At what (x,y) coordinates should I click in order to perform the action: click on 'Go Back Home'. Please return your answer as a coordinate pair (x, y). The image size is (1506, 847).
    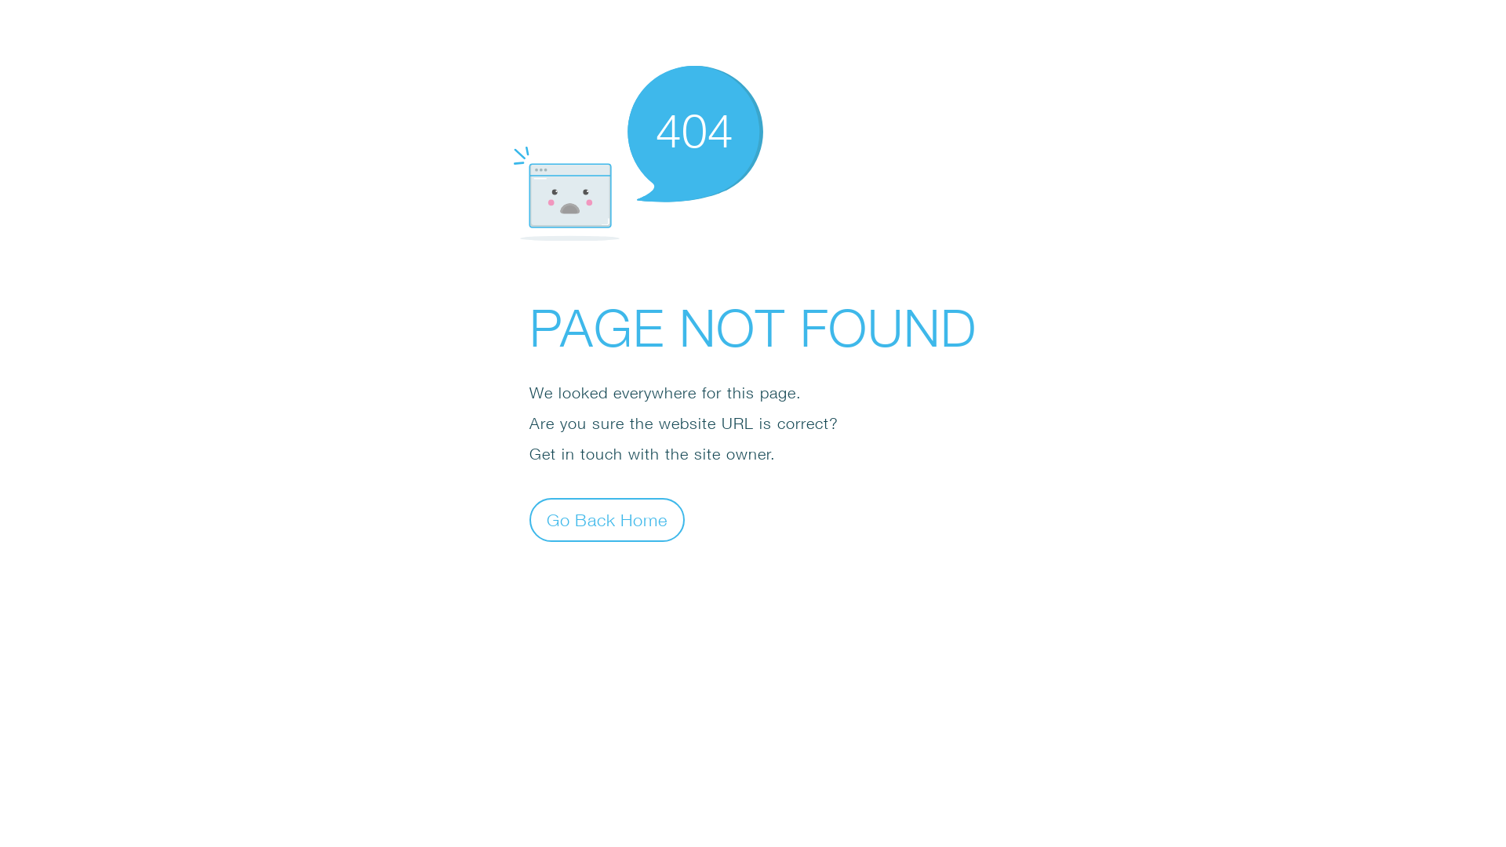
    Looking at the image, I should click on (606, 520).